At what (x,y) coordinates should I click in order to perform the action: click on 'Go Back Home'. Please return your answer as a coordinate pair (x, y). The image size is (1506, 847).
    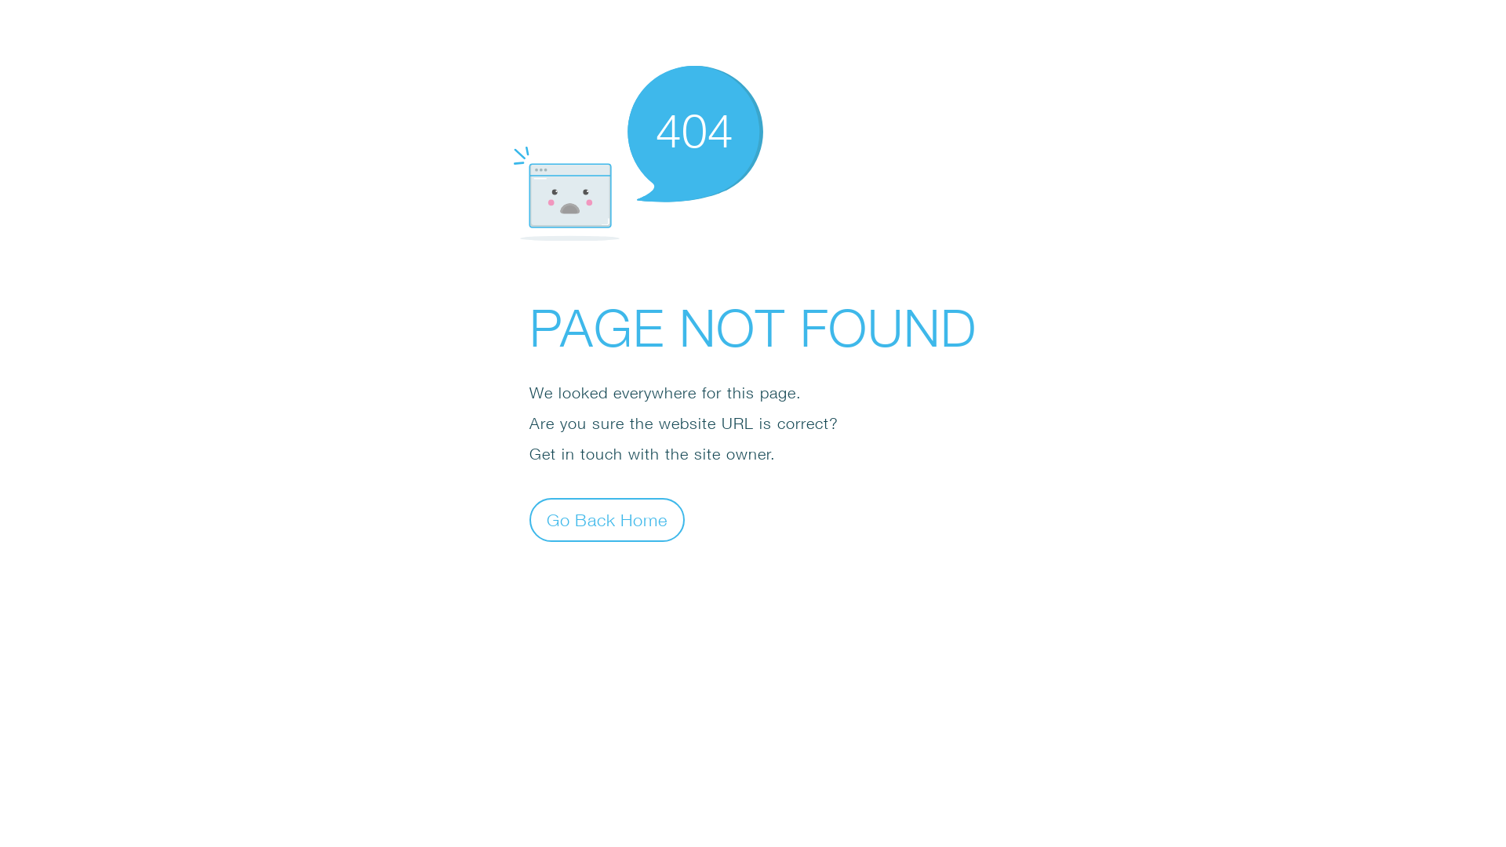
    Looking at the image, I should click on (606, 520).